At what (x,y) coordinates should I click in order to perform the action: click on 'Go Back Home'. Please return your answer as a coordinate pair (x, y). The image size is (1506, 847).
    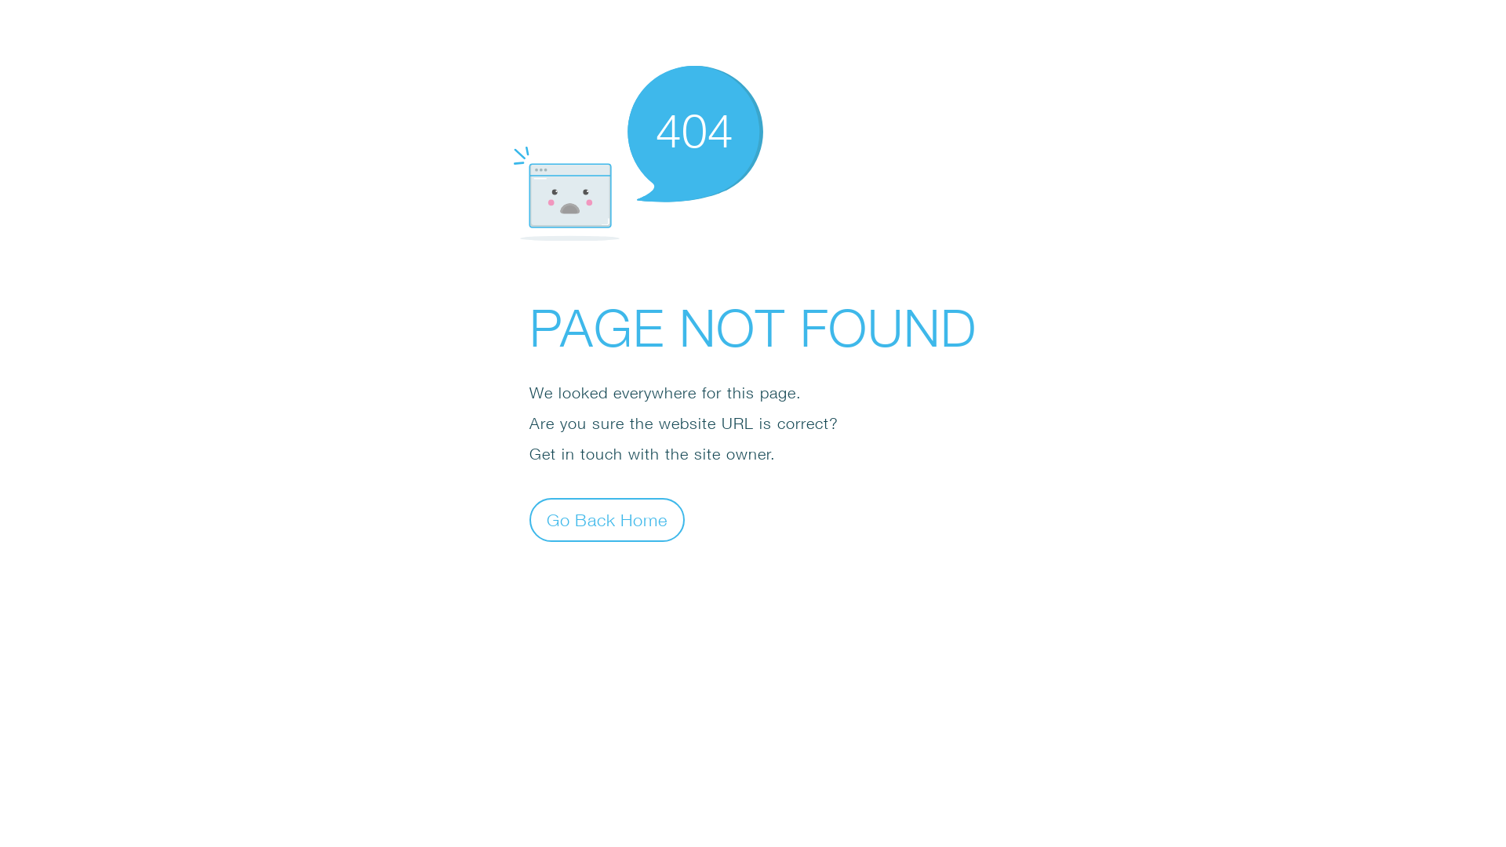
    Looking at the image, I should click on (606, 520).